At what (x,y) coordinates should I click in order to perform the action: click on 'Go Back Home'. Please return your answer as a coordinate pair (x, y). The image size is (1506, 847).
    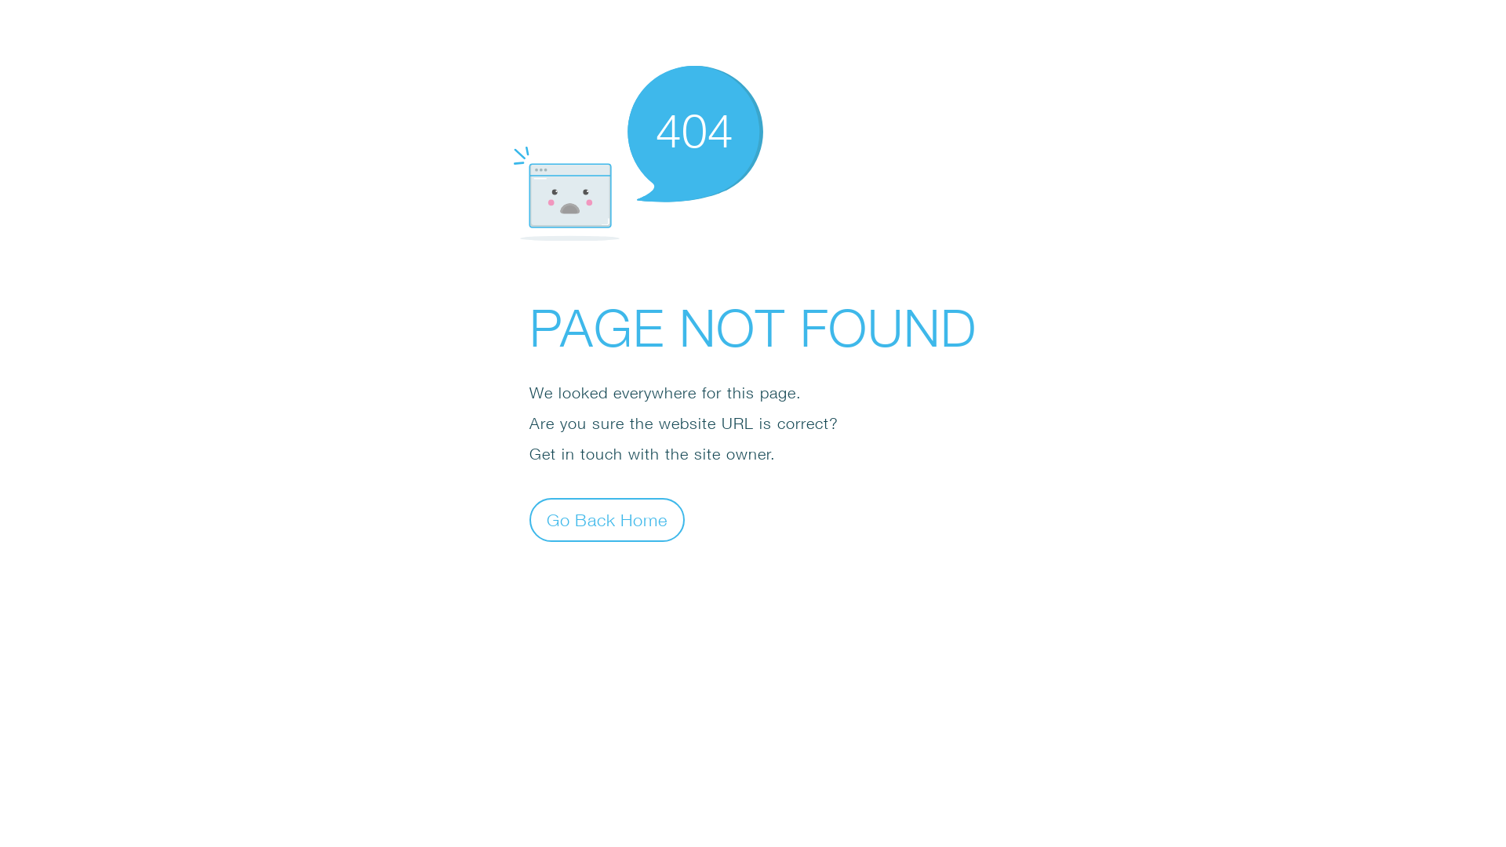
    Looking at the image, I should click on (606, 520).